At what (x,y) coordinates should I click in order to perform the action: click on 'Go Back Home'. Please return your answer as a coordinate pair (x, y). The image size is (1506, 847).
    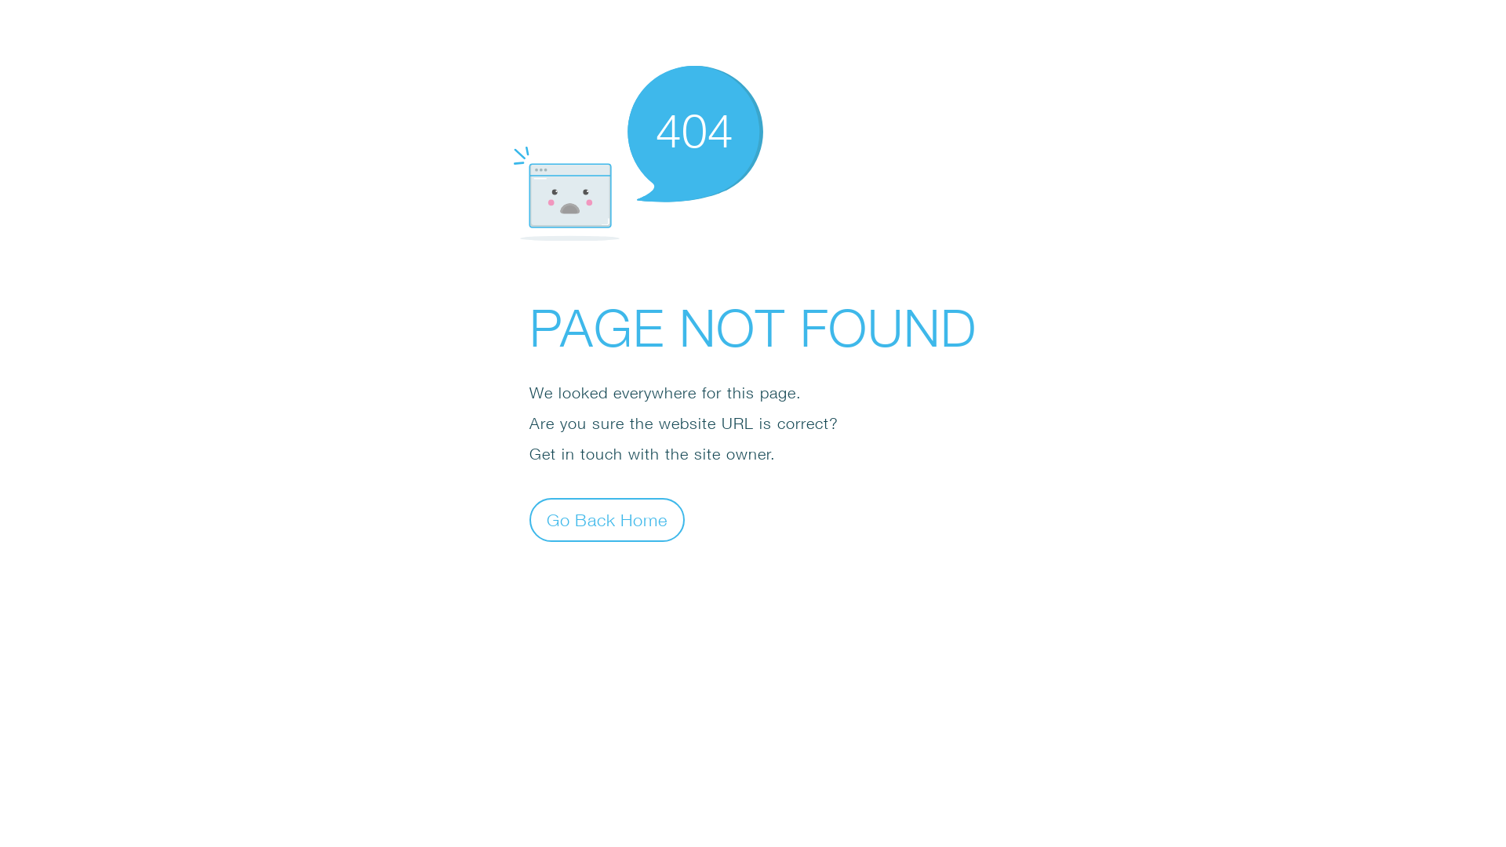
    Looking at the image, I should click on (606, 520).